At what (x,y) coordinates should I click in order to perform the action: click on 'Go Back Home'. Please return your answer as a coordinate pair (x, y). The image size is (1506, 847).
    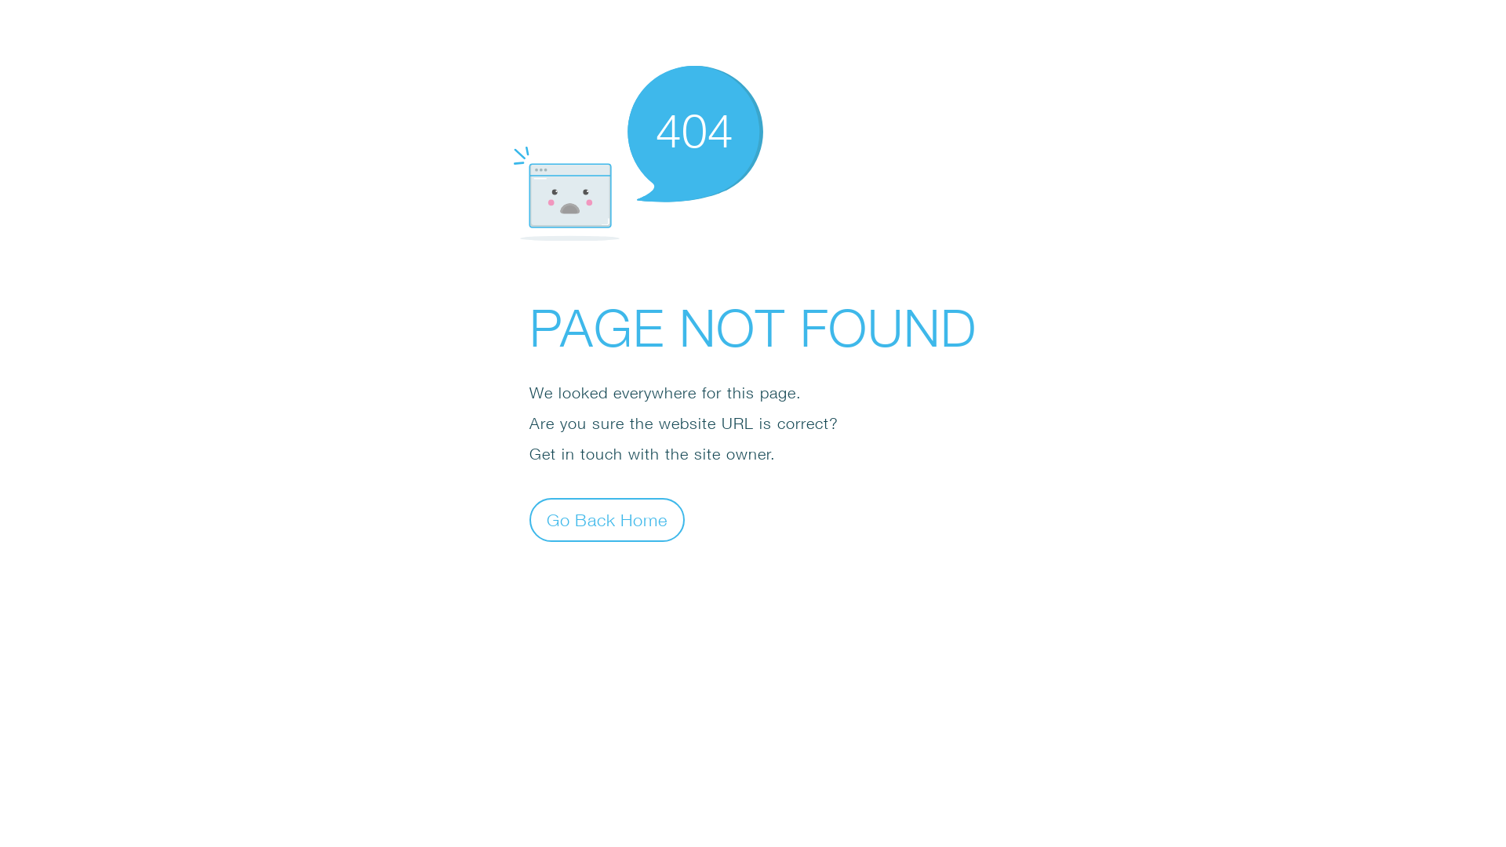
    Looking at the image, I should click on (606, 520).